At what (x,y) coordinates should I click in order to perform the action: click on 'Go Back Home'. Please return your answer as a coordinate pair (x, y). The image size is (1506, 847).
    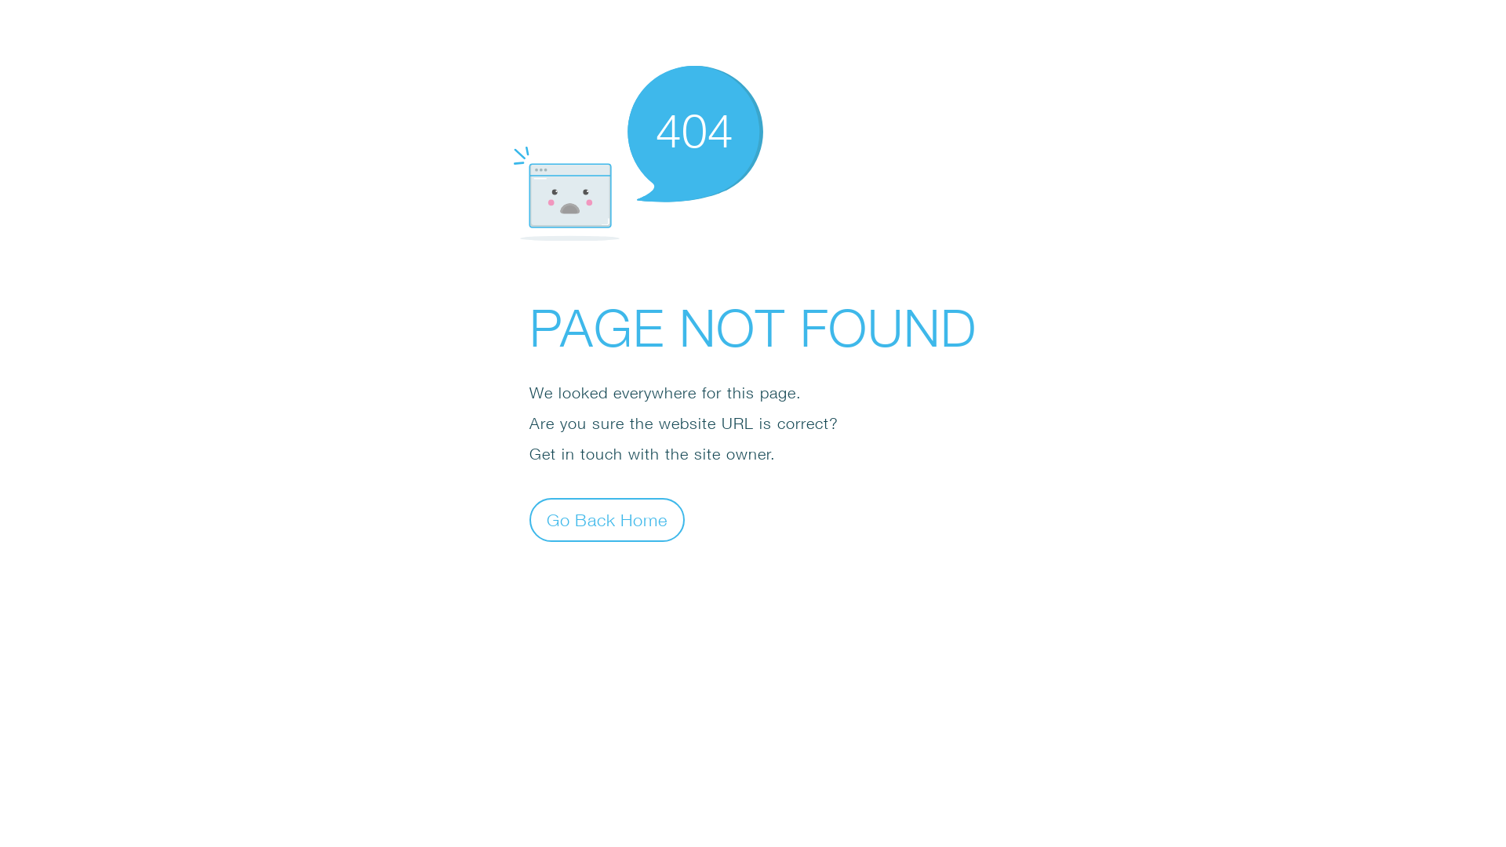
    Looking at the image, I should click on (606, 520).